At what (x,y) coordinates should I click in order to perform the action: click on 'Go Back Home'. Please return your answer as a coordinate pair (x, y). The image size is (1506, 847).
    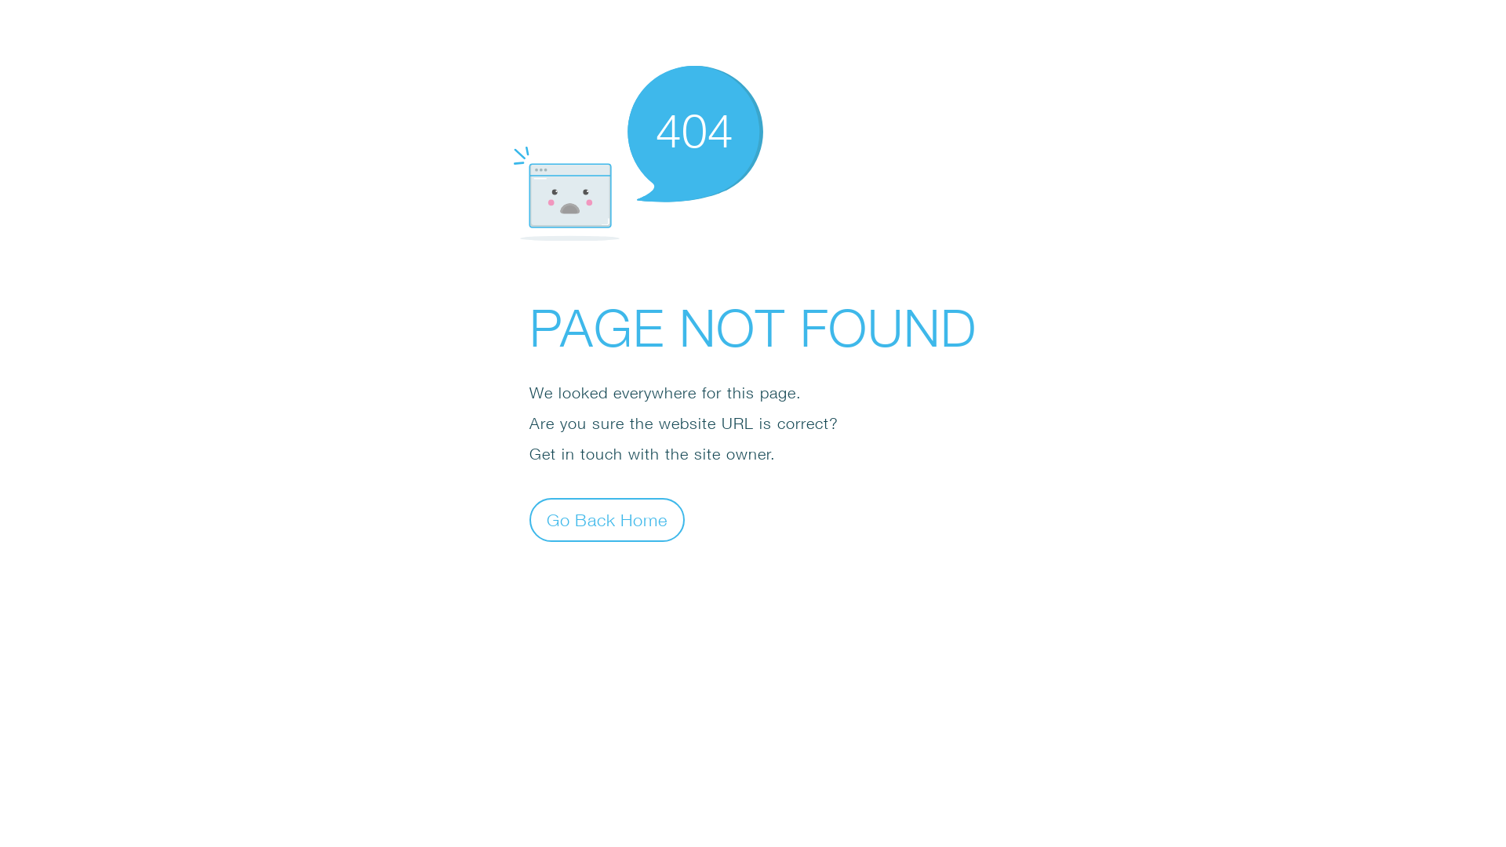
    Looking at the image, I should click on (606, 520).